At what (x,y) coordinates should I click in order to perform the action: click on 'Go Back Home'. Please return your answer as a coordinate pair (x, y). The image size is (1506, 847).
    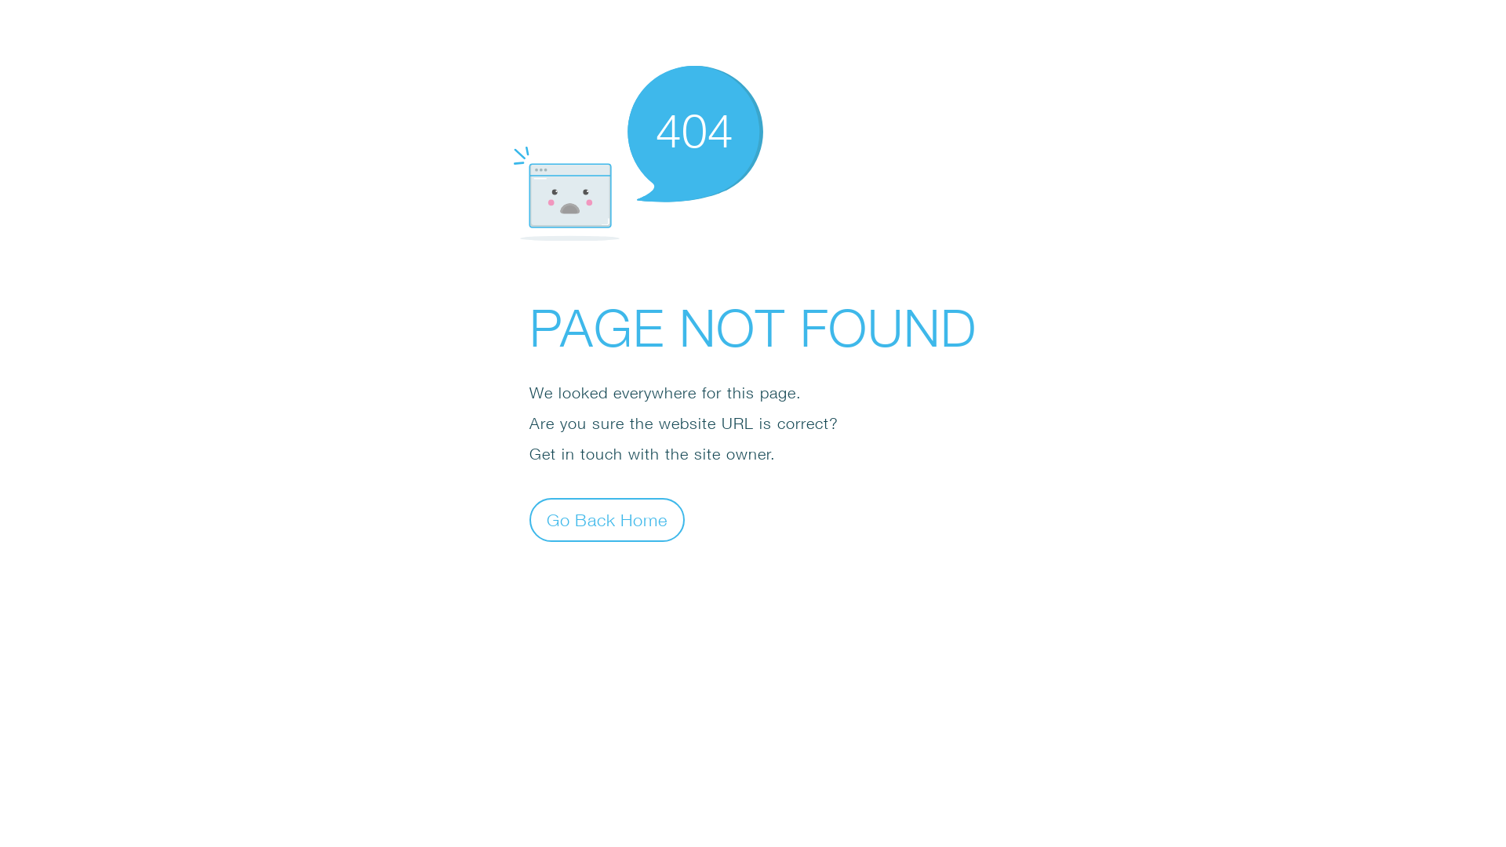
    Looking at the image, I should click on (606, 520).